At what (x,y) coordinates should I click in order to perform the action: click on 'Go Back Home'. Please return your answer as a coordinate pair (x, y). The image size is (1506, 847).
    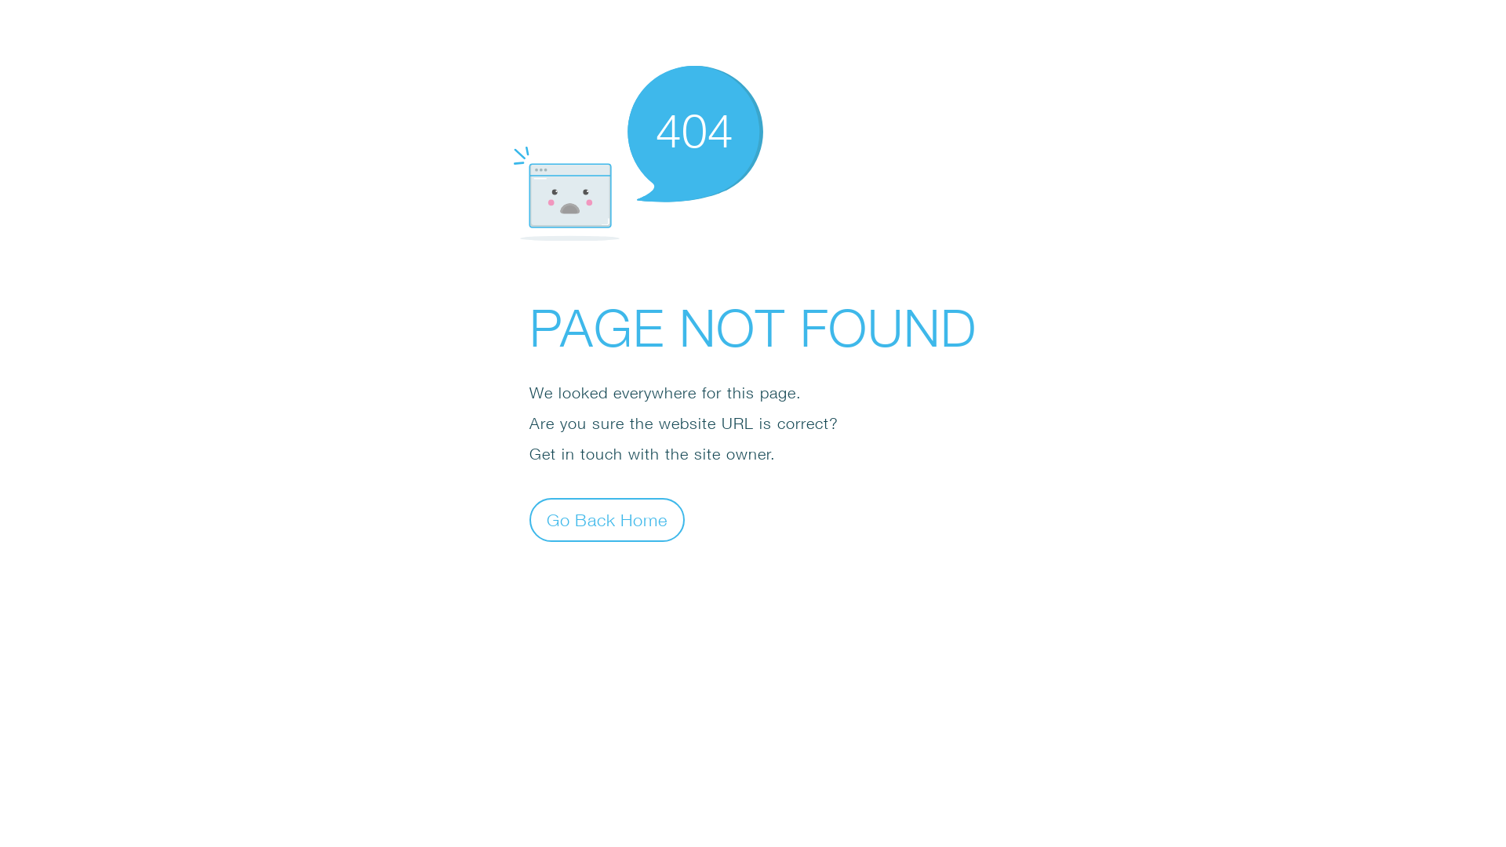
    Looking at the image, I should click on (606, 520).